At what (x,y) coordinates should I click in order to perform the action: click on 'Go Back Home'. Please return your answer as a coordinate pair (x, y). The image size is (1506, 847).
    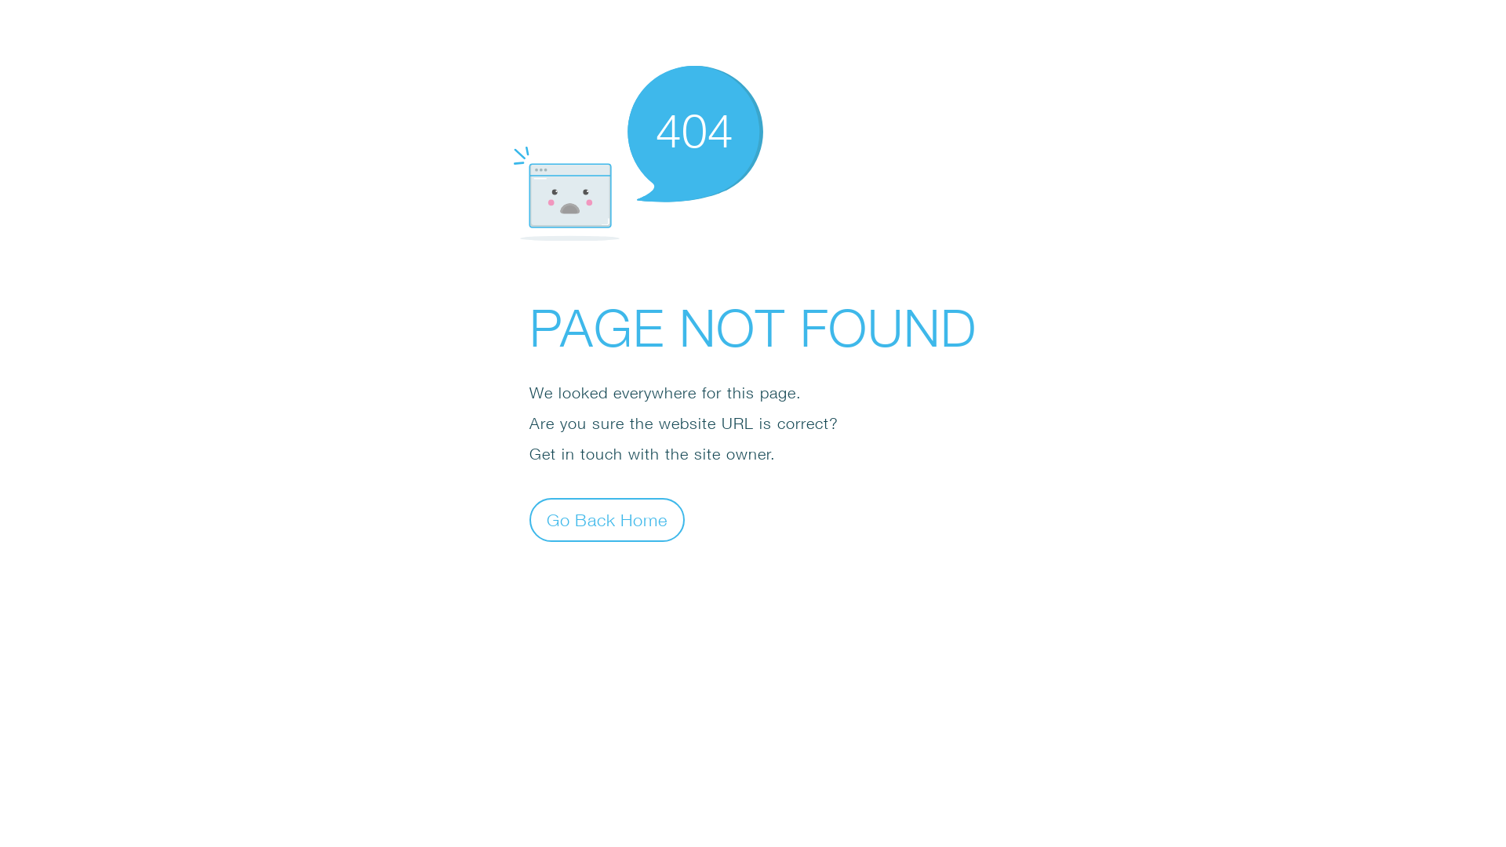
    Looking at the image, I should click on (606, 520).